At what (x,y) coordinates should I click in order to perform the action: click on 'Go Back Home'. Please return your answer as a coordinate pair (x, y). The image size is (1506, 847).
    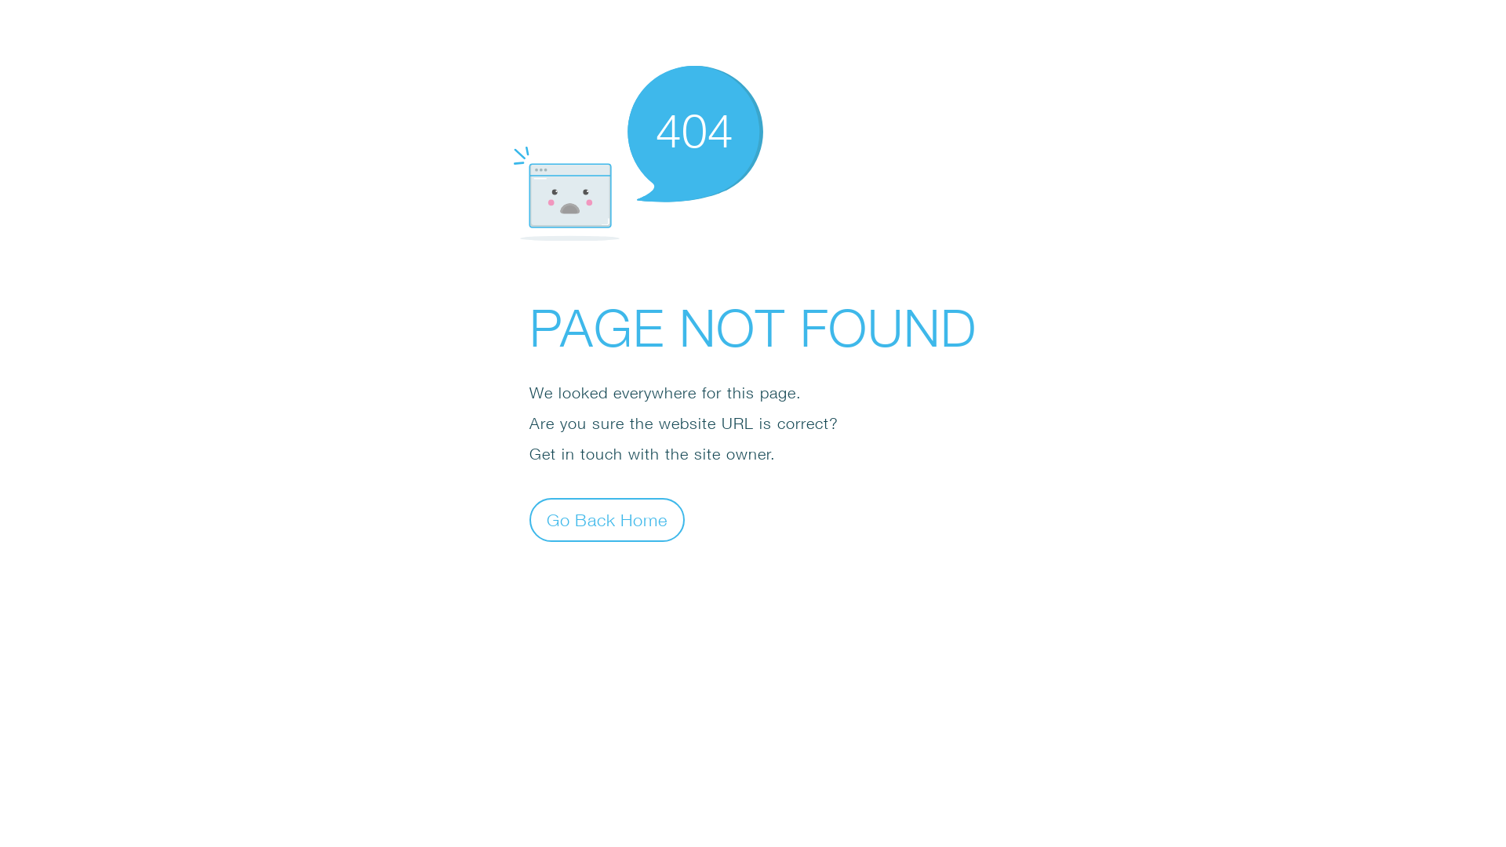
    Looking at the image, I should click on (606, 520).